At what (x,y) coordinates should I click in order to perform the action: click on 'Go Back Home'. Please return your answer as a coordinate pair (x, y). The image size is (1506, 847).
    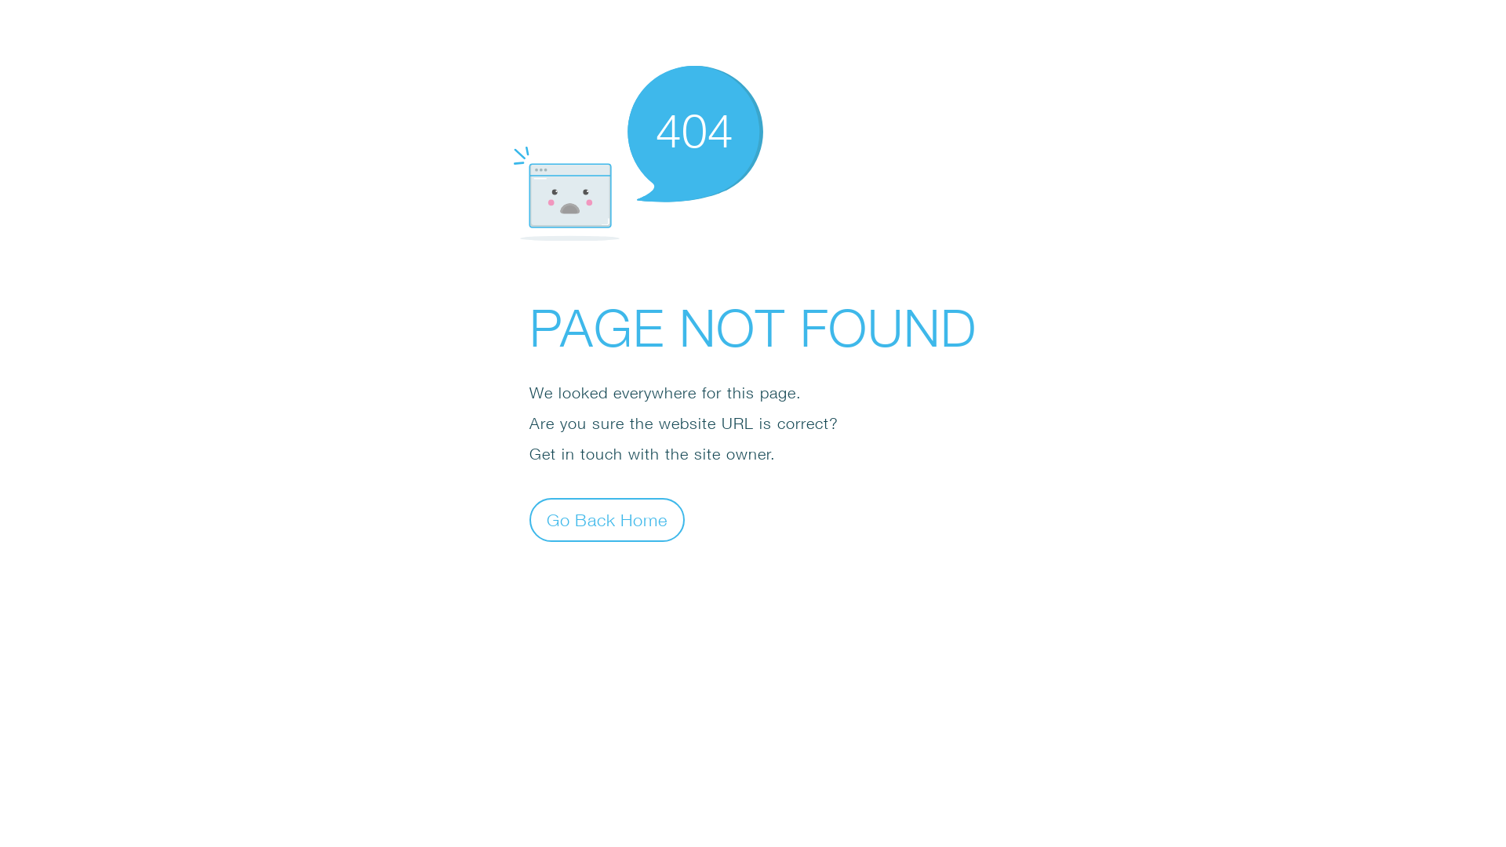
    Looking at the image, I should click on (606, 520).